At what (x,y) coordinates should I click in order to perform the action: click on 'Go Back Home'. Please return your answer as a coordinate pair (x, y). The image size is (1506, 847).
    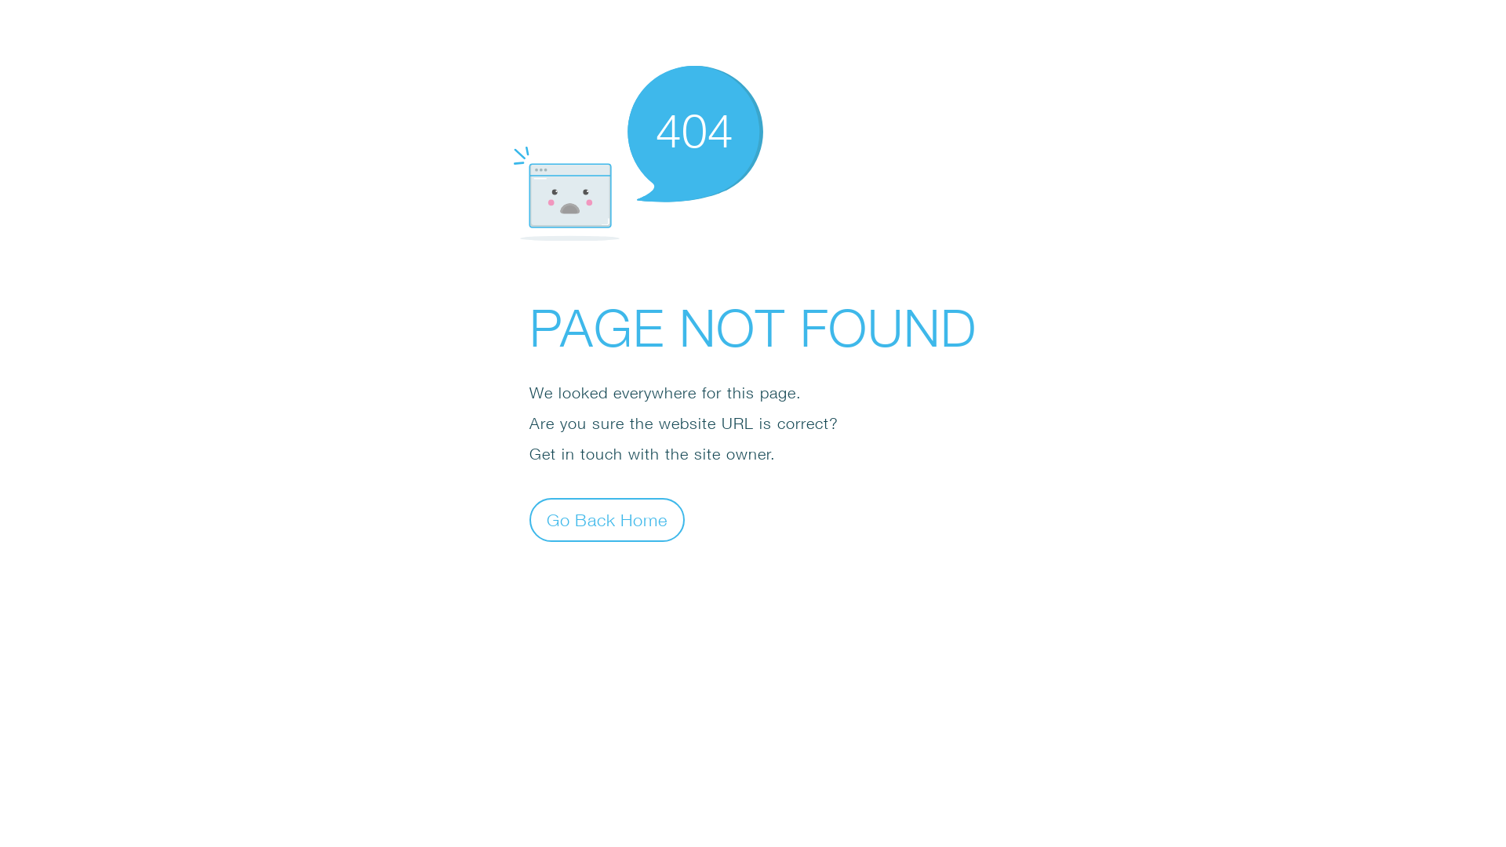
    Looking at the image, I should click on (606, 520).